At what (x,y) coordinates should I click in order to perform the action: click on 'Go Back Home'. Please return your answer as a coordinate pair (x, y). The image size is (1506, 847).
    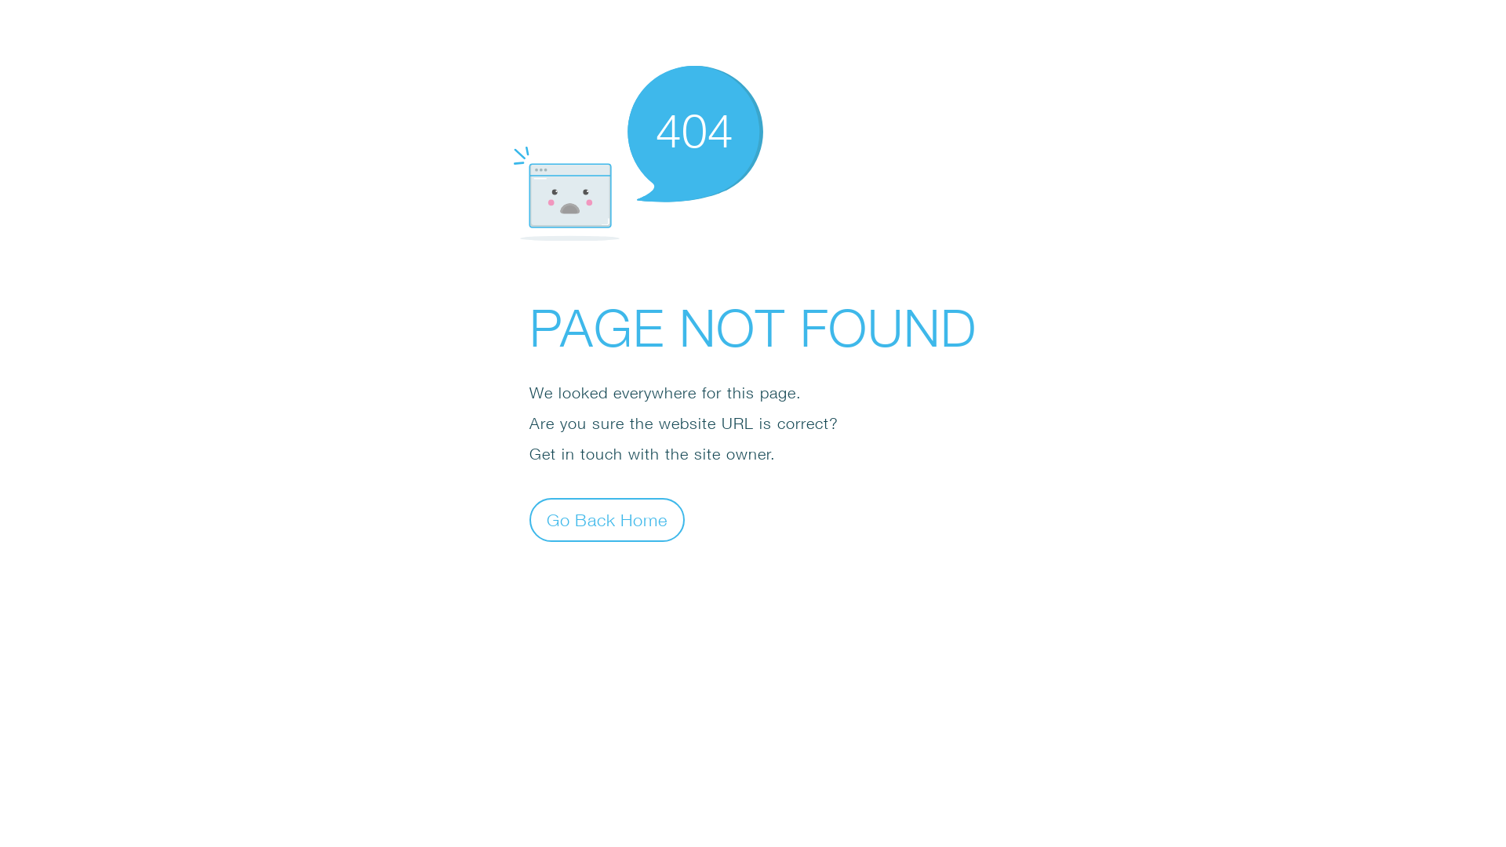
    Looking at the image, I should click on (606, 520).